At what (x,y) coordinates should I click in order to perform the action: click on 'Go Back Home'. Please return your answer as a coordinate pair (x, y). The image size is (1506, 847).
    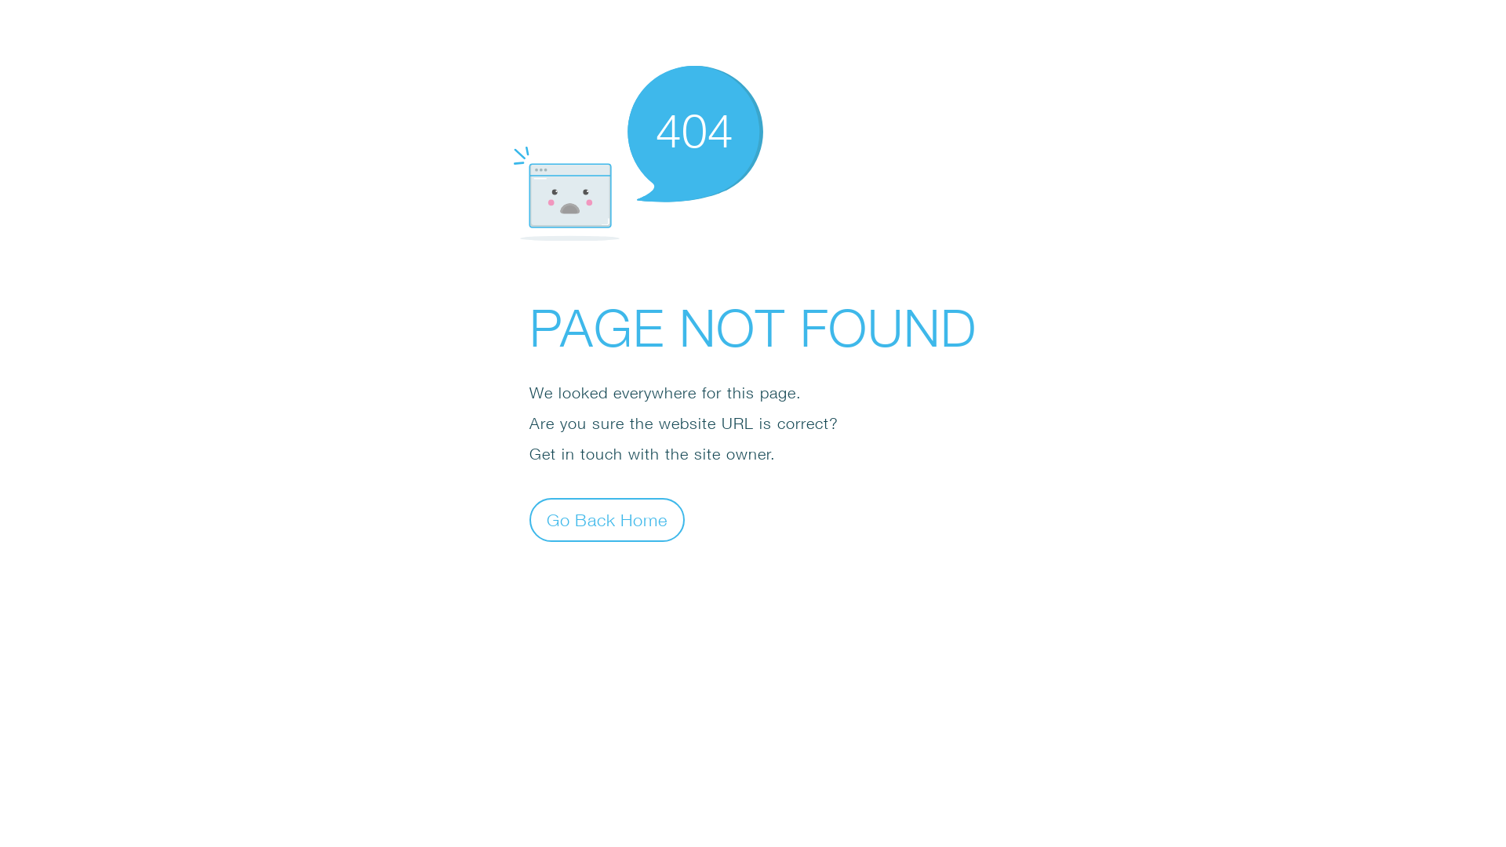
    Looking at the image, I should click on (606, 520).